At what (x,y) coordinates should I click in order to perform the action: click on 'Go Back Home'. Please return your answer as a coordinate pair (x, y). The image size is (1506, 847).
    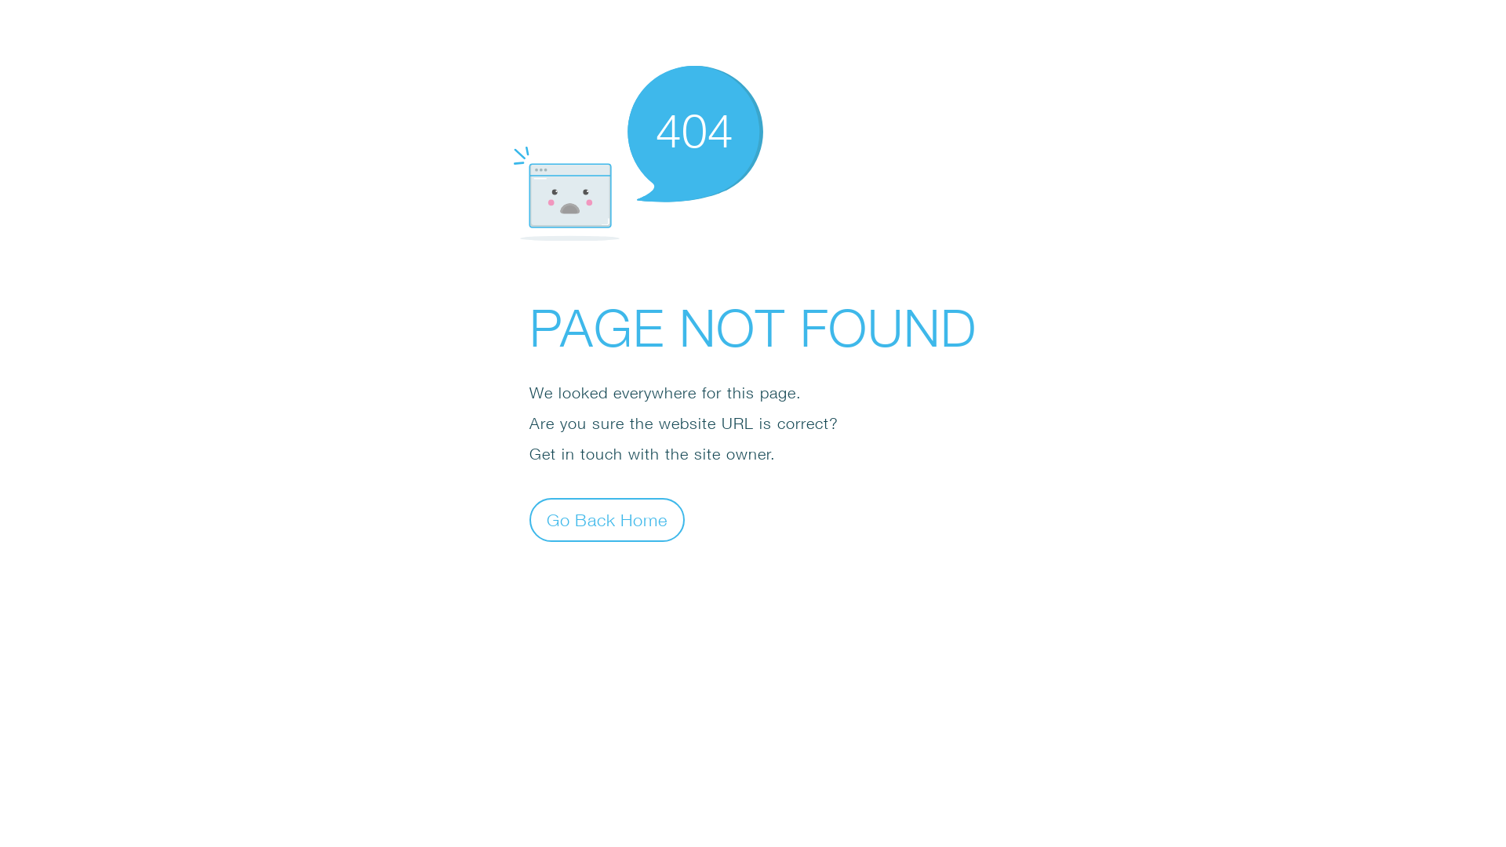
    Looking at the image, I should click on (606, 520).